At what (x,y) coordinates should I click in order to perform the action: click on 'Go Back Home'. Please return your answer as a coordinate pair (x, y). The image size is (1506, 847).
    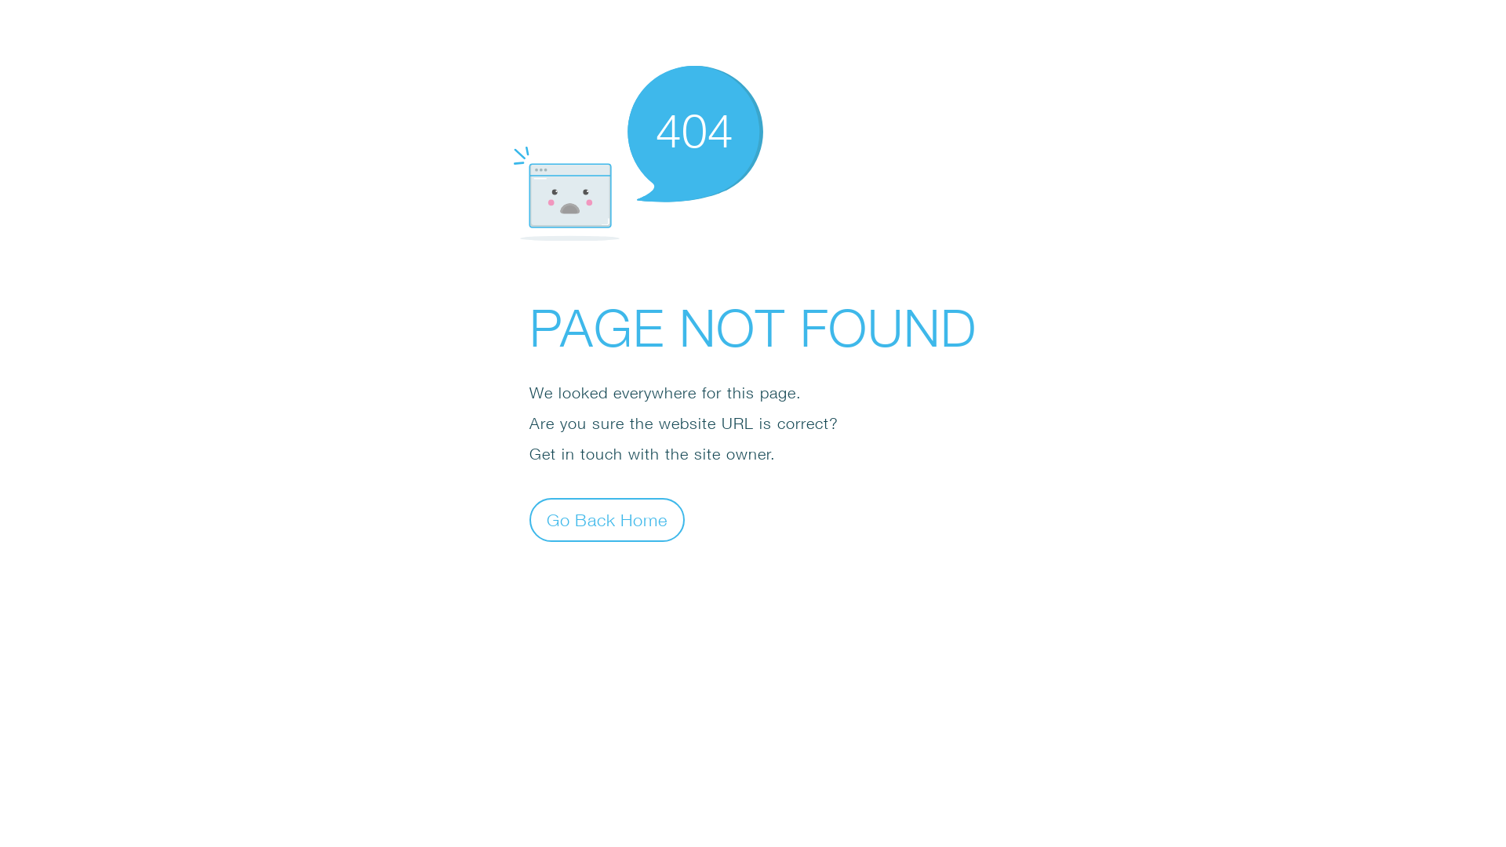
    Looking at the image, I should click on (606, 520).